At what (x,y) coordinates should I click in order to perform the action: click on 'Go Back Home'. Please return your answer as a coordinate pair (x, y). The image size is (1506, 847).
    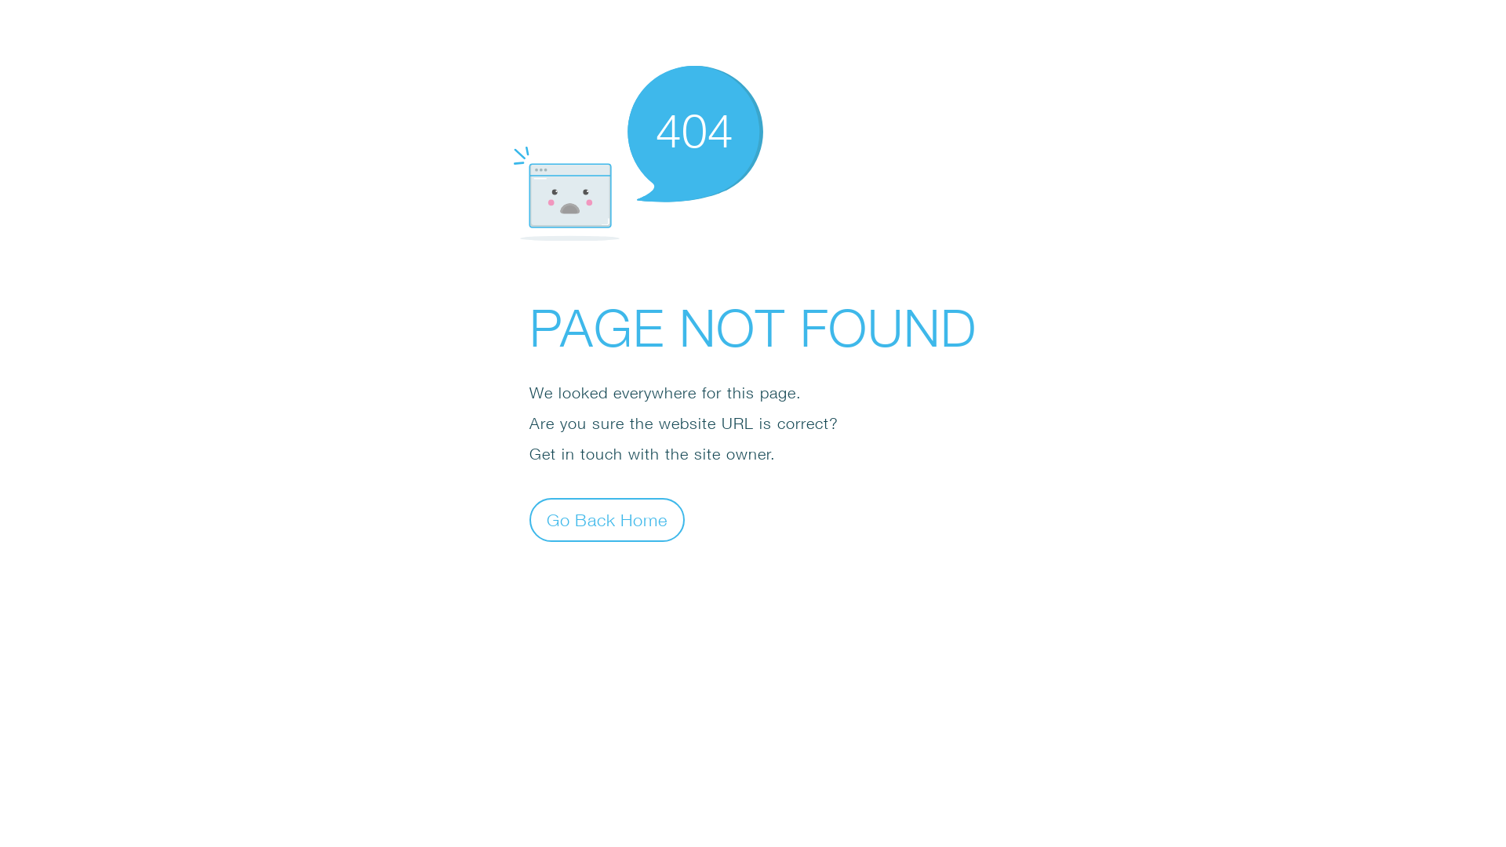
    Looking at the image, I should click on (606, 520).